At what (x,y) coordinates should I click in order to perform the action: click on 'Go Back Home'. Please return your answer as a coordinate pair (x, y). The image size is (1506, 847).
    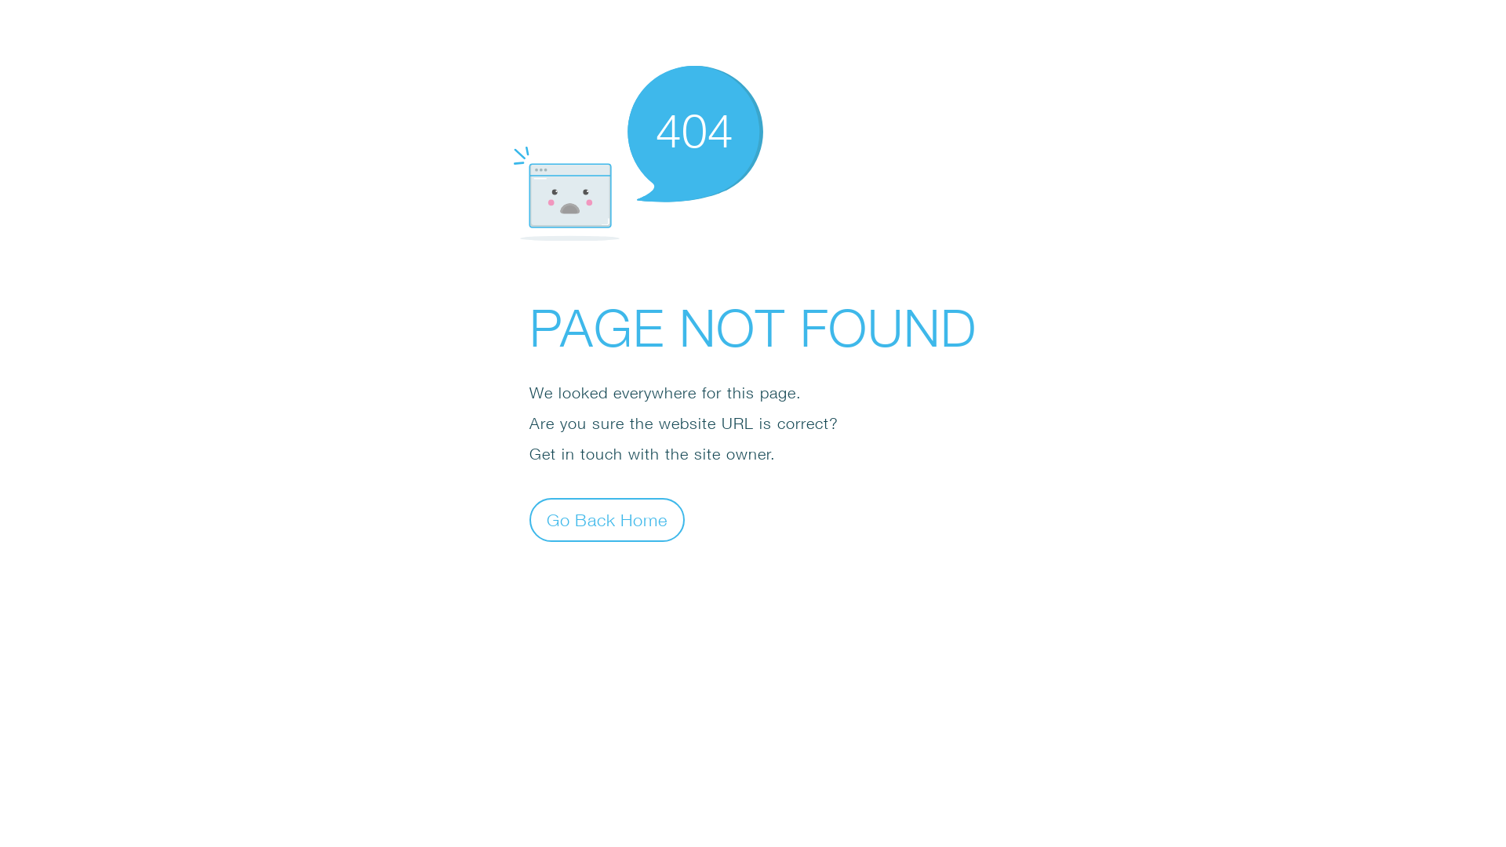
    Looking at the image, I should click on (606, 520).